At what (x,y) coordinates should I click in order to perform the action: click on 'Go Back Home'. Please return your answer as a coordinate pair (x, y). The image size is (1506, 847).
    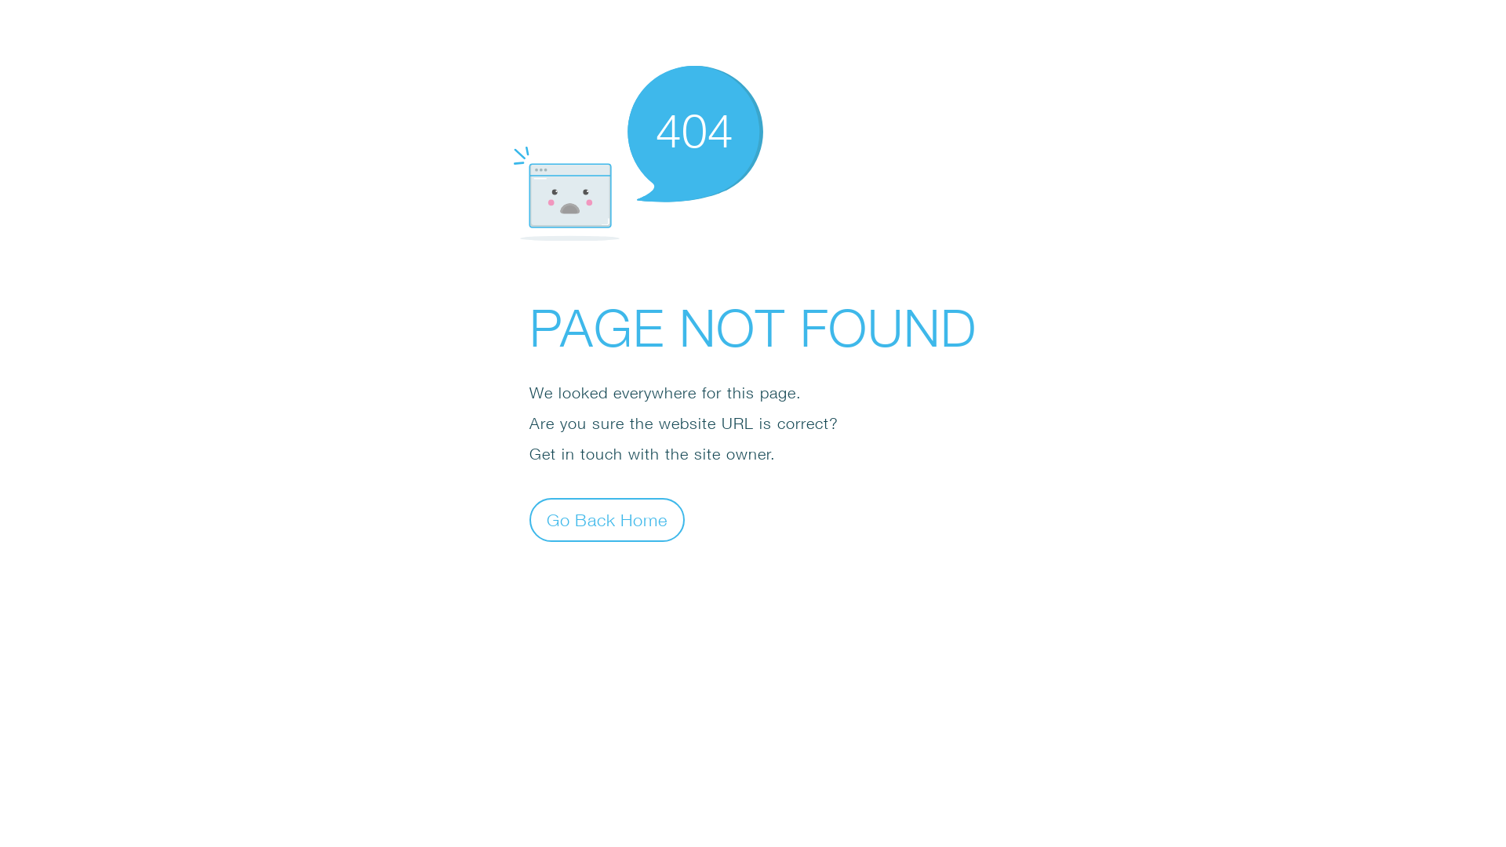
    Looking at the image, I should click on (606, 520).